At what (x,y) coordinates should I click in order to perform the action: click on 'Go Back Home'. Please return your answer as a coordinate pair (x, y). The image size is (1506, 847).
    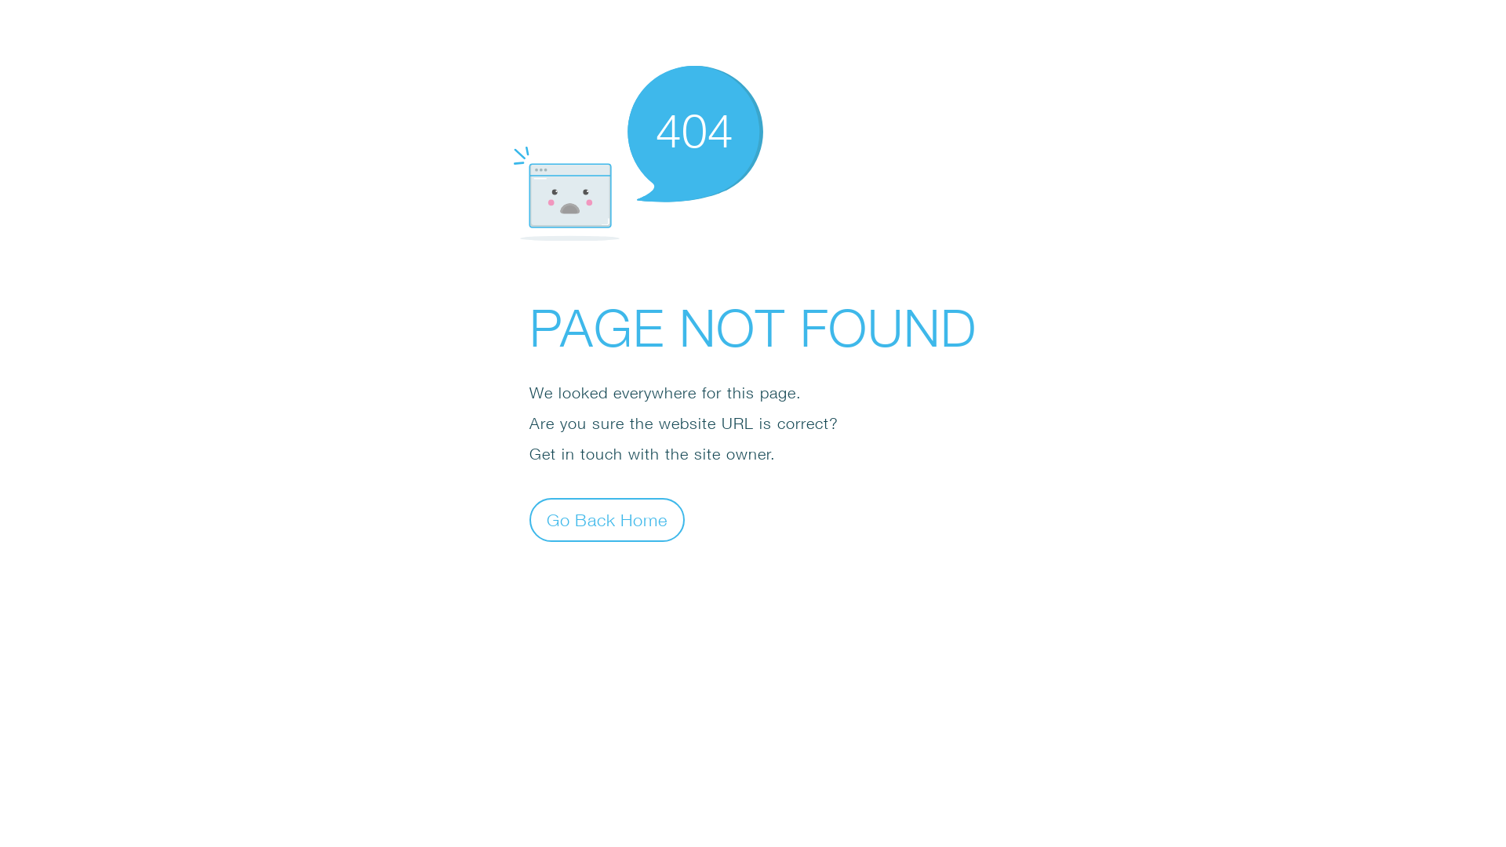
    Looking at the image, I should click on (606, 520).